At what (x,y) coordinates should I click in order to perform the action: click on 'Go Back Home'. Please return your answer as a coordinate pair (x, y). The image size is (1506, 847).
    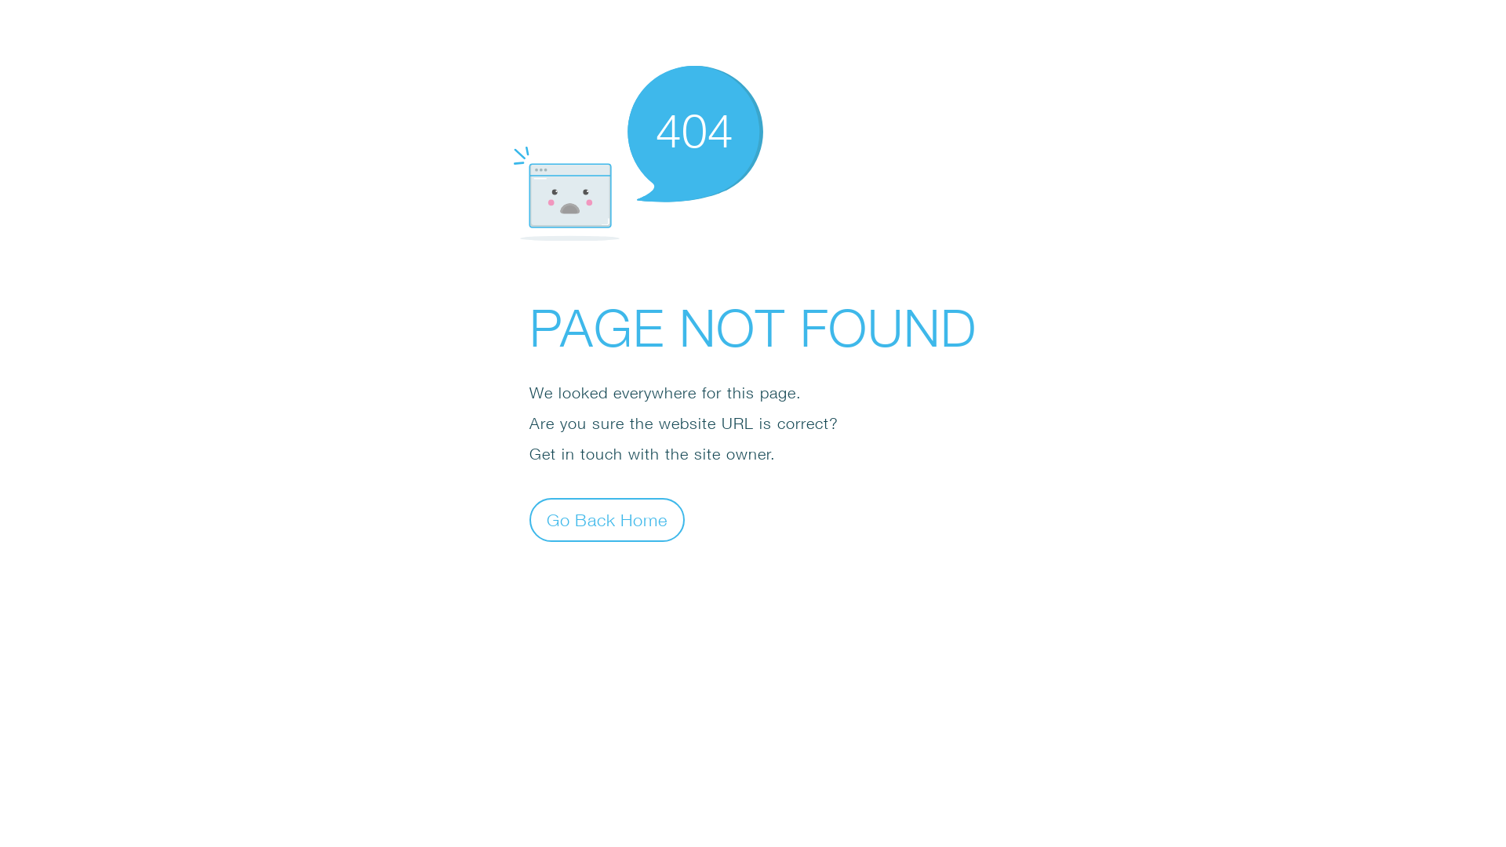
    Looking at the image, I should click on (606, 520).